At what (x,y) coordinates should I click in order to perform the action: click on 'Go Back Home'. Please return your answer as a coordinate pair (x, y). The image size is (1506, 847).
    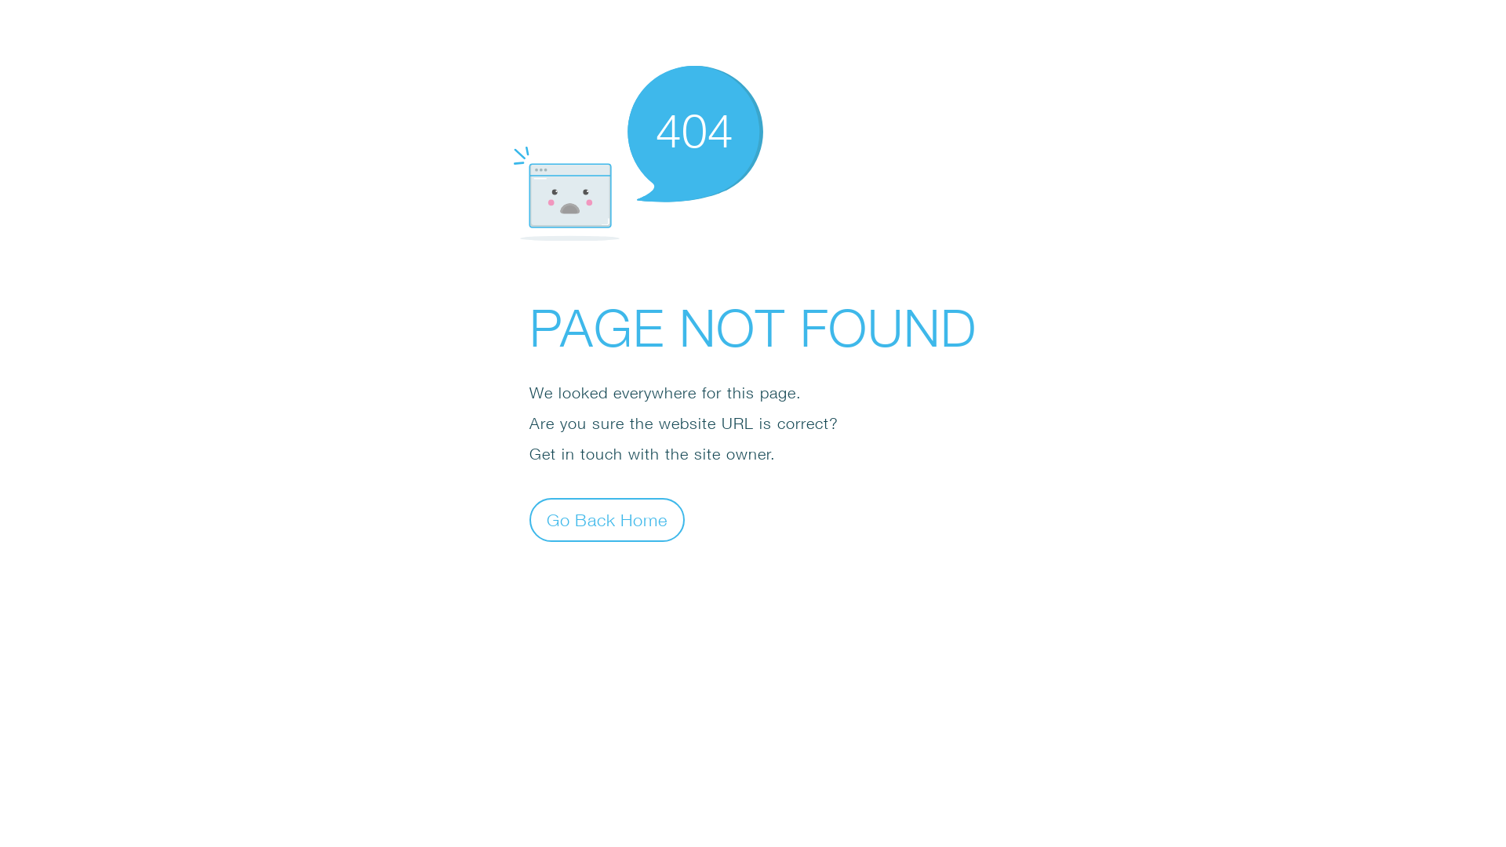
    Looking at the image, I should click on (606, 520).